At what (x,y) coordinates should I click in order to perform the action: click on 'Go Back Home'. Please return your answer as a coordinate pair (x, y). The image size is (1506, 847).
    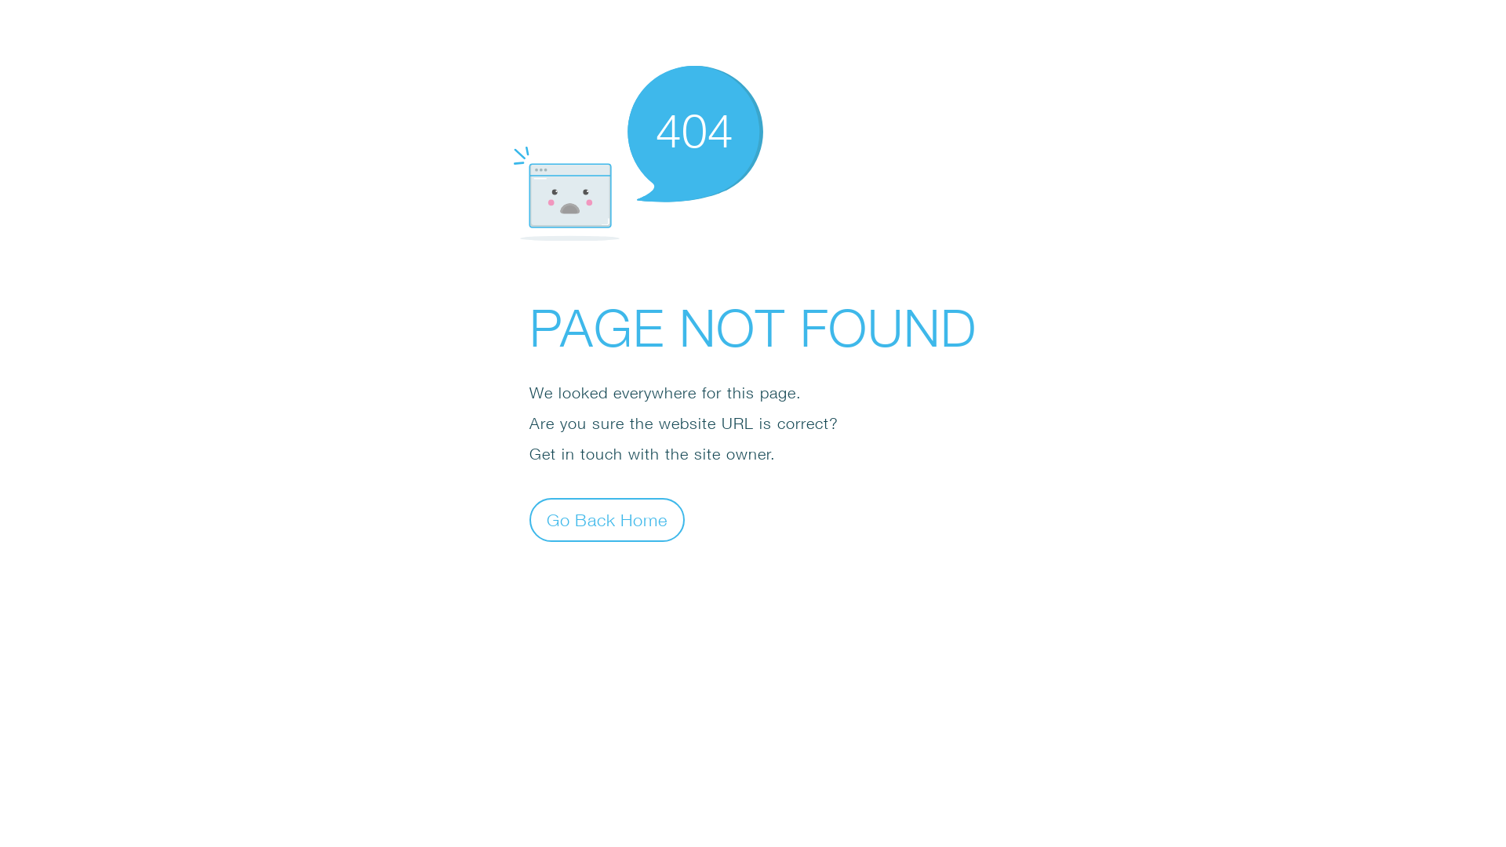
    Looking at the image, I should click on (606, 520).